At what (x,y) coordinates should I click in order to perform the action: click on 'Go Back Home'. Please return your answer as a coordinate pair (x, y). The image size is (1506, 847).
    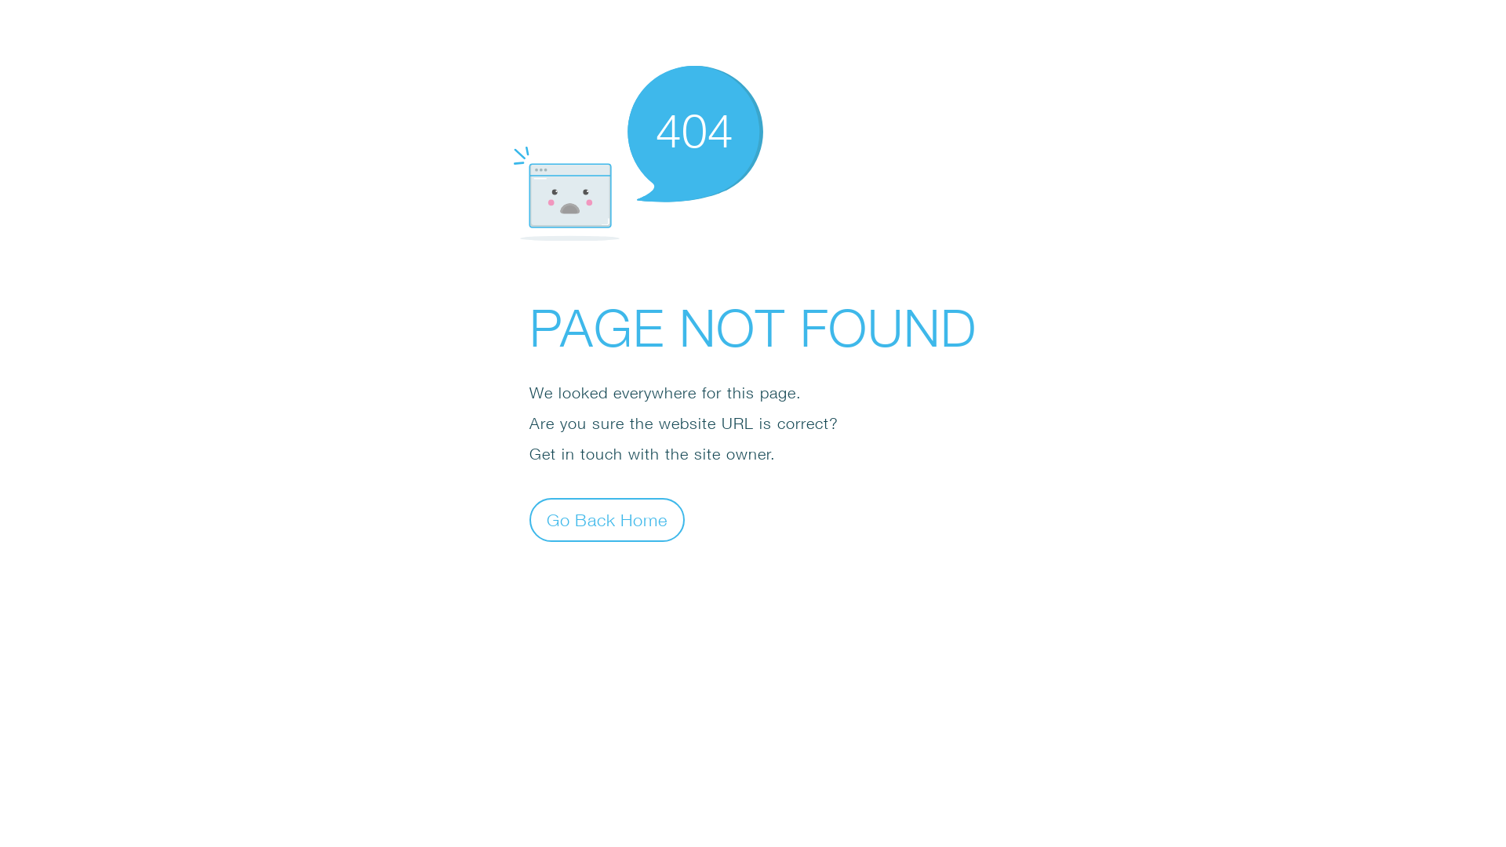
    Looking at the image, I should click on (606, 520).